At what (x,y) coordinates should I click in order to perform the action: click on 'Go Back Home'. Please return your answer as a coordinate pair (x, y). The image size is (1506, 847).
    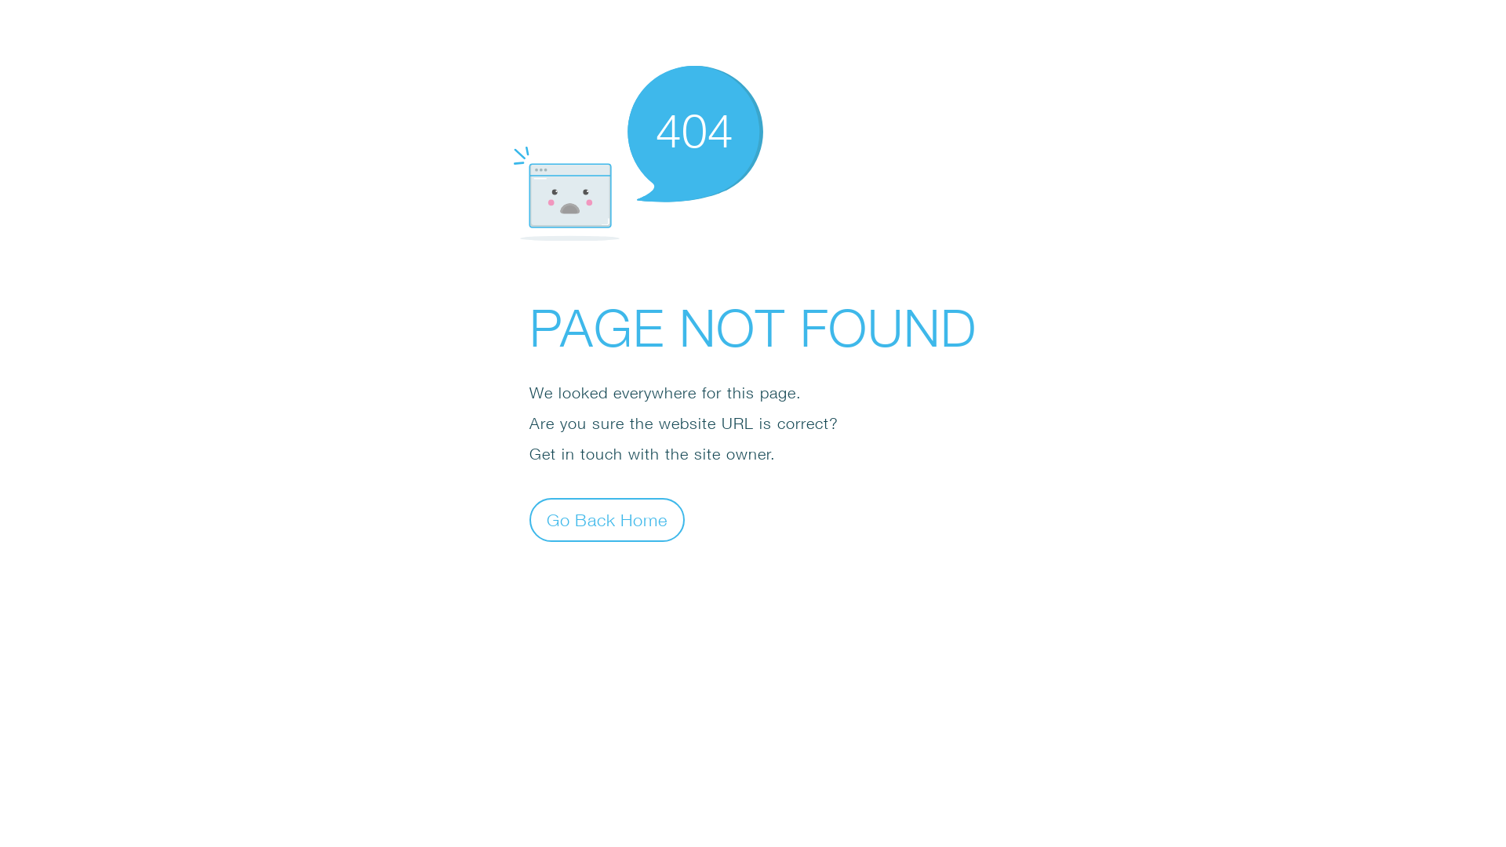
    Looking at the image, I should click on (606, 520).